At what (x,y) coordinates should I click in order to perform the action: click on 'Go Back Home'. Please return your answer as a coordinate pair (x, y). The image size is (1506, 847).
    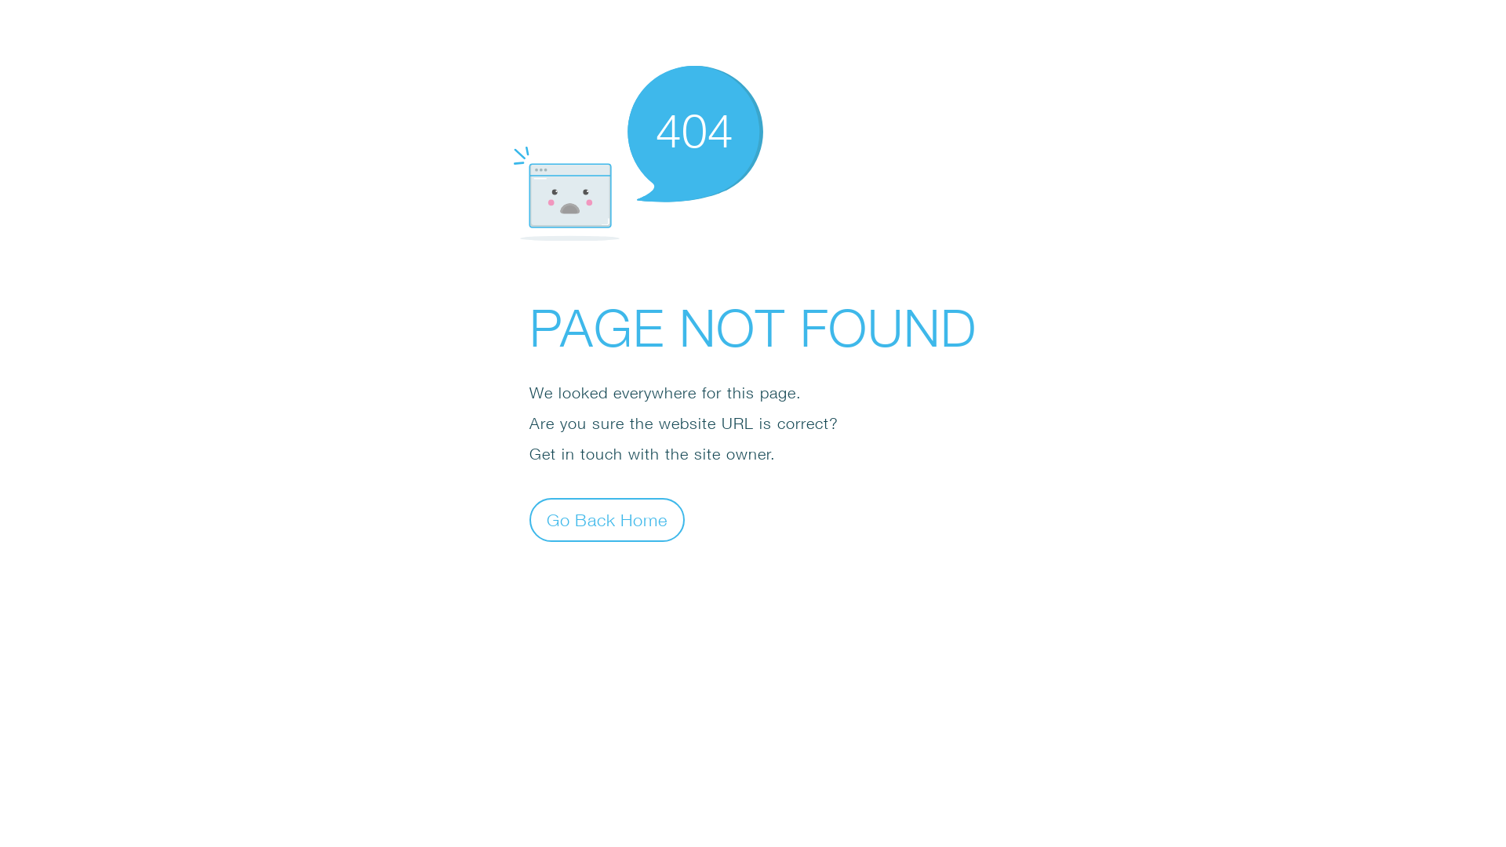
    Looking at the image, I should click on (606, 520).